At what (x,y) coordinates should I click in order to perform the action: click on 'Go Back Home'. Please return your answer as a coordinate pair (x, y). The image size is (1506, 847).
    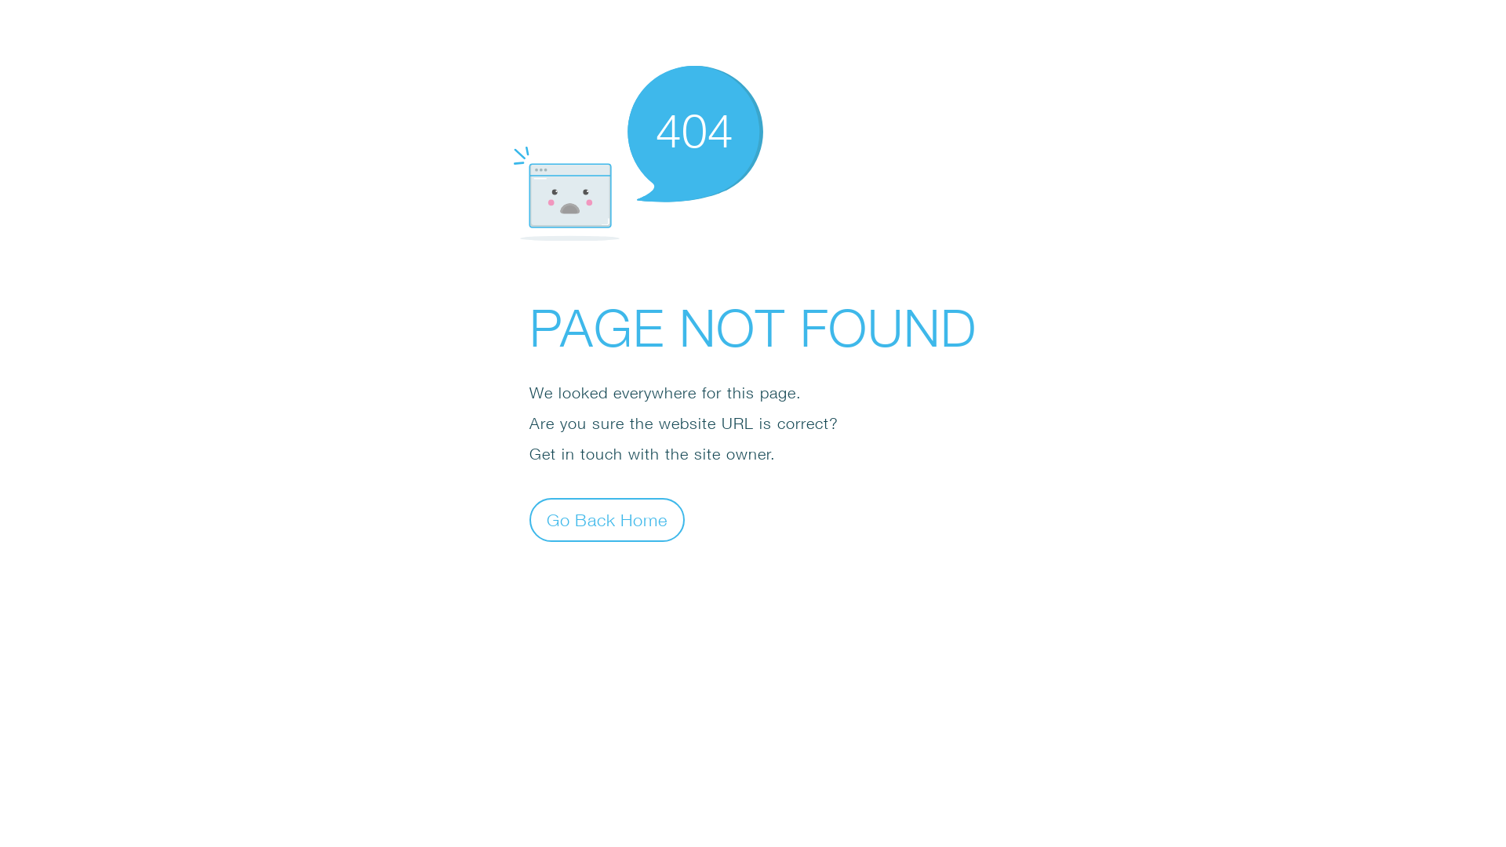
    Looking at the image, I should click on (606, 520).